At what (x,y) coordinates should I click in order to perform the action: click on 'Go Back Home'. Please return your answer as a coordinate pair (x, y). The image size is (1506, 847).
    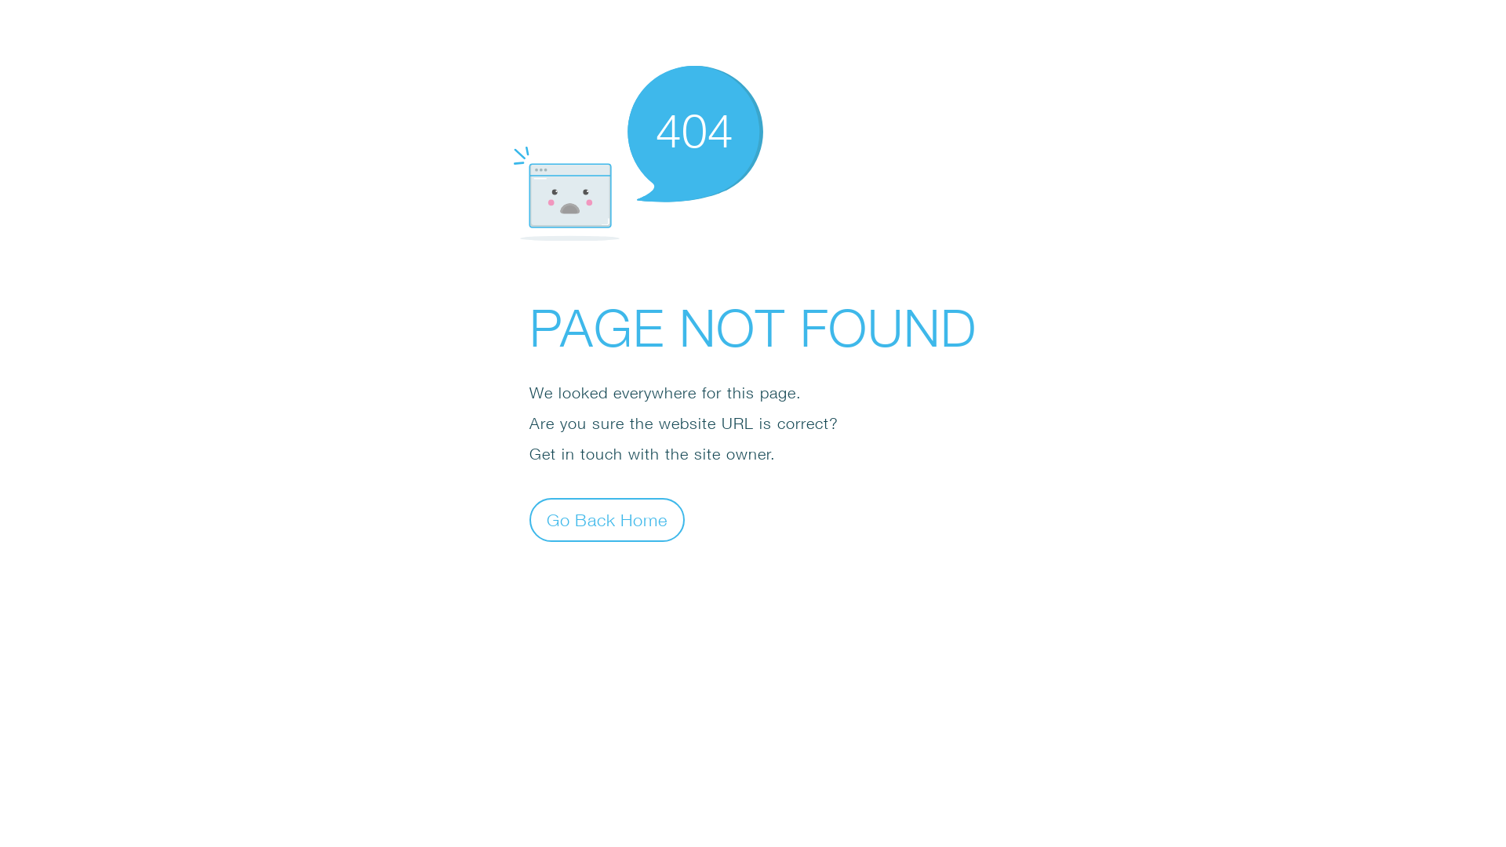
    Looking at the image, I should click on (606, 520).